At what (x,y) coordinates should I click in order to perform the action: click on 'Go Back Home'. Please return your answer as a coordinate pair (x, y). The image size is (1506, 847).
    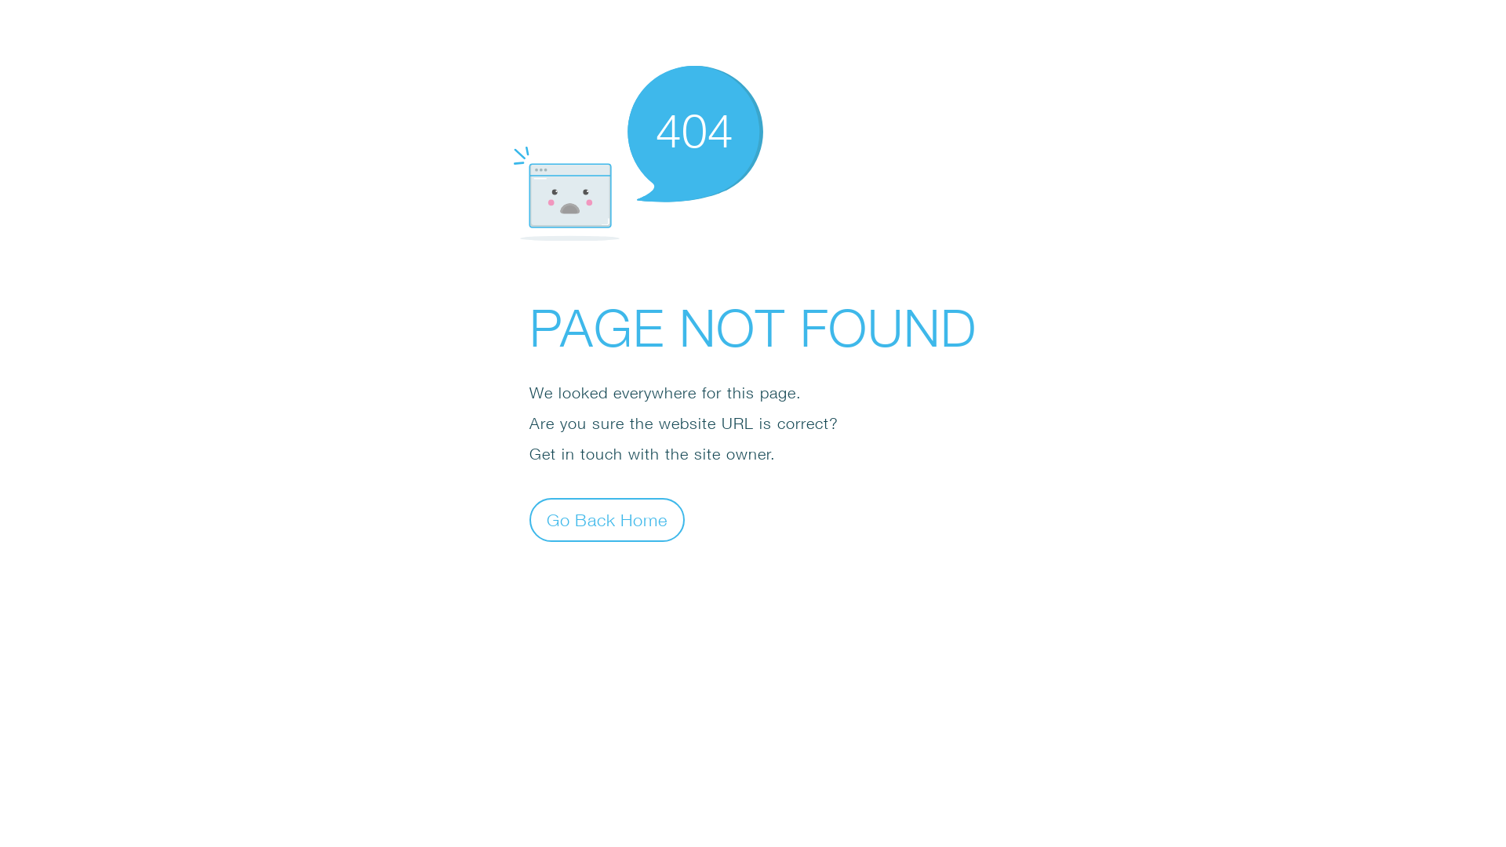
    Looking at the image, I should click on (606, 520).